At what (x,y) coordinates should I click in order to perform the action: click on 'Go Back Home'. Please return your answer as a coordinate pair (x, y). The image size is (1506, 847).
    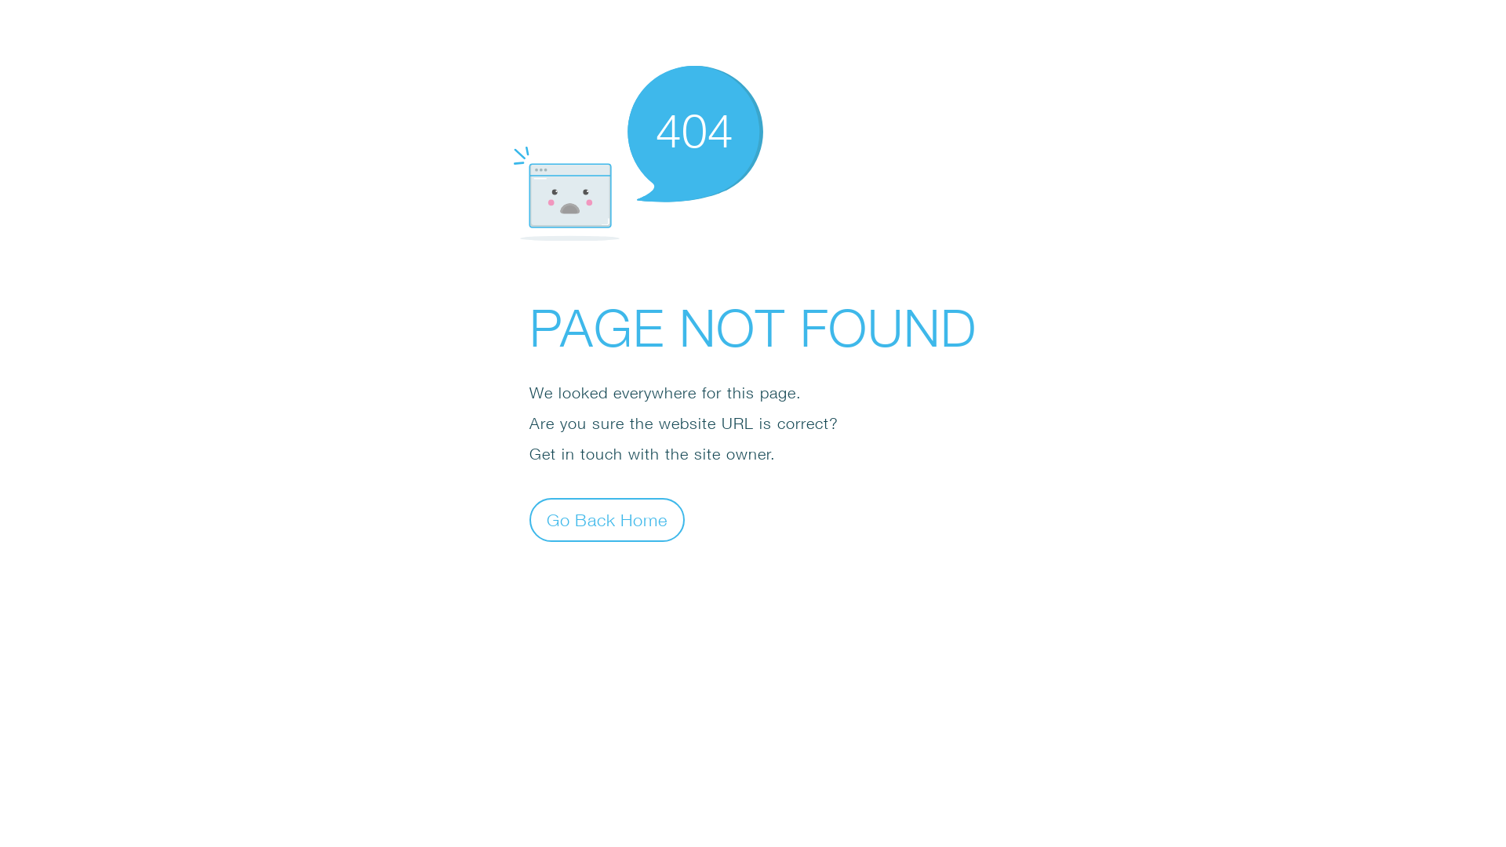
    Looking at the image, I should click on (606, 520).